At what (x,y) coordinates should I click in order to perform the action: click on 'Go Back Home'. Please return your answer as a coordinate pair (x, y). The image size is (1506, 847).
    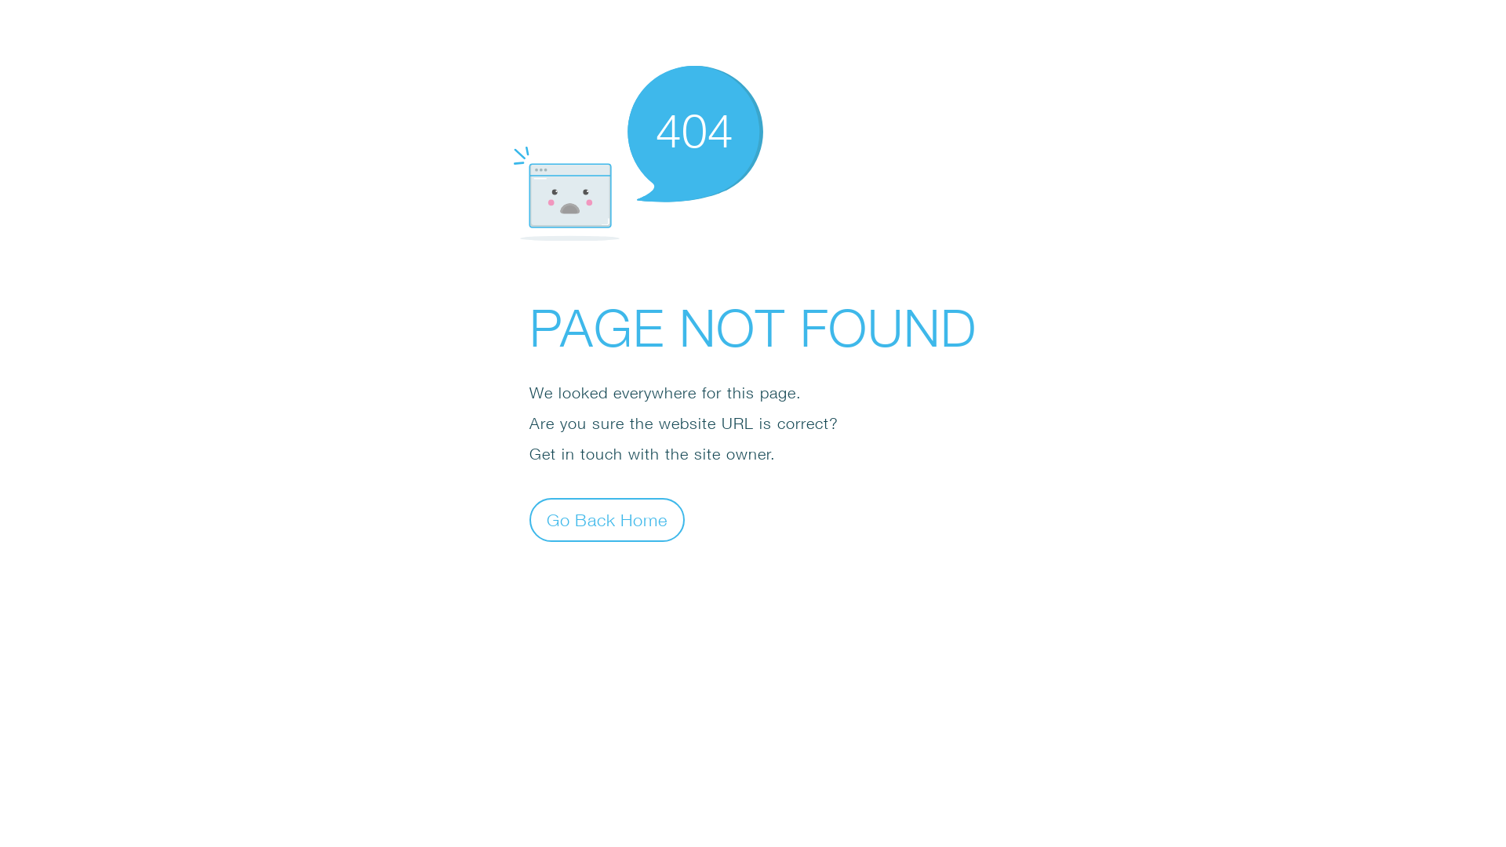
    Looking at the image, I should click on (606, 520).